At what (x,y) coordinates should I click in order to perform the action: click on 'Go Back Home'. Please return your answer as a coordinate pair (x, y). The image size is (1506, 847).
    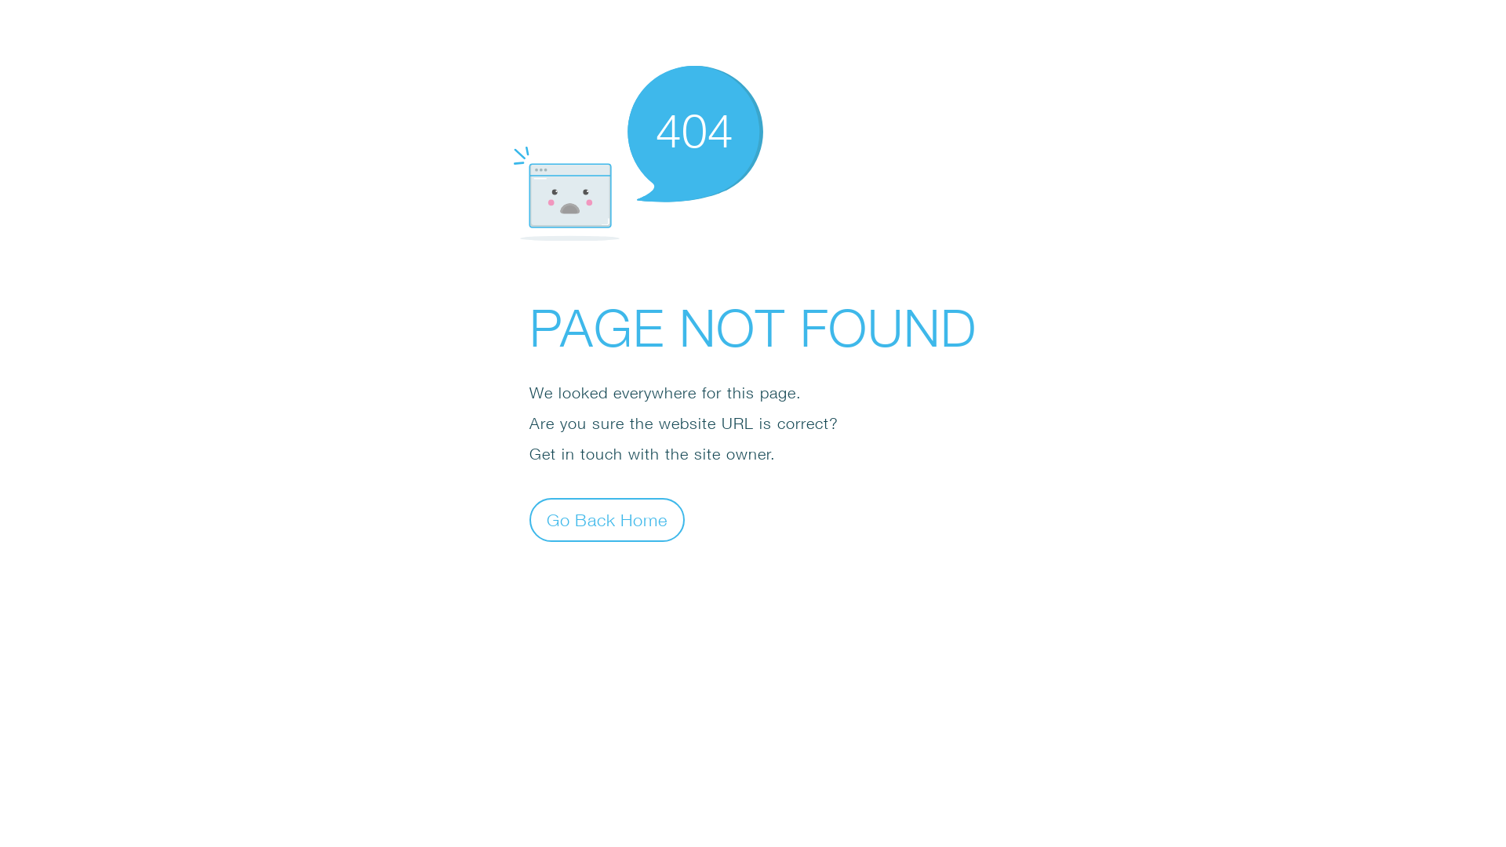
    Looking at the image, I should click on (606, 520).